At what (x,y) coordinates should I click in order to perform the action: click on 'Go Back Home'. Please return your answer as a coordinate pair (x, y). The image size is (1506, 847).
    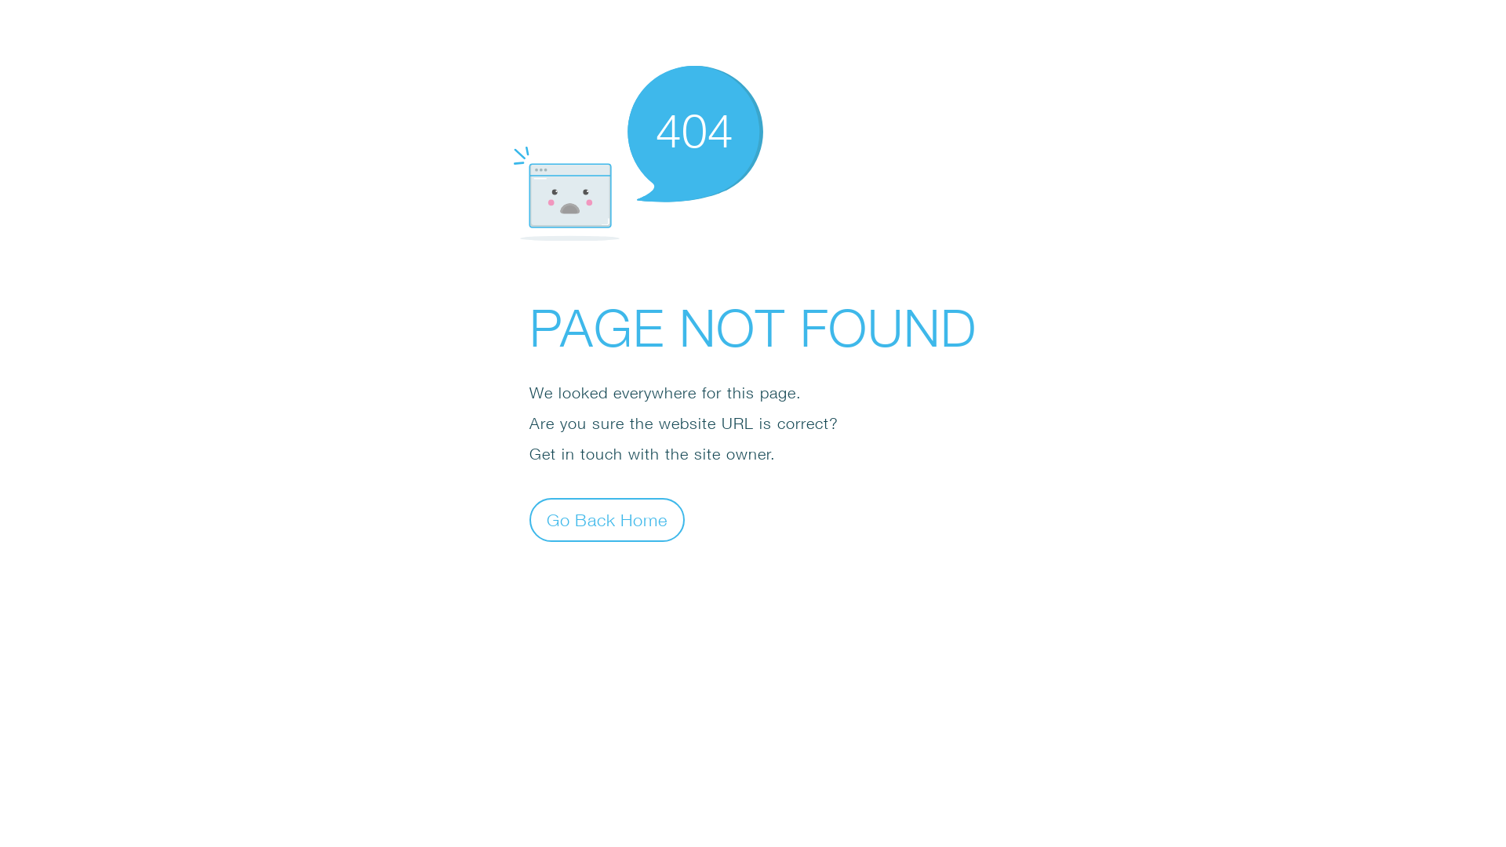
    Looking at the image, I should click on (606, 520).